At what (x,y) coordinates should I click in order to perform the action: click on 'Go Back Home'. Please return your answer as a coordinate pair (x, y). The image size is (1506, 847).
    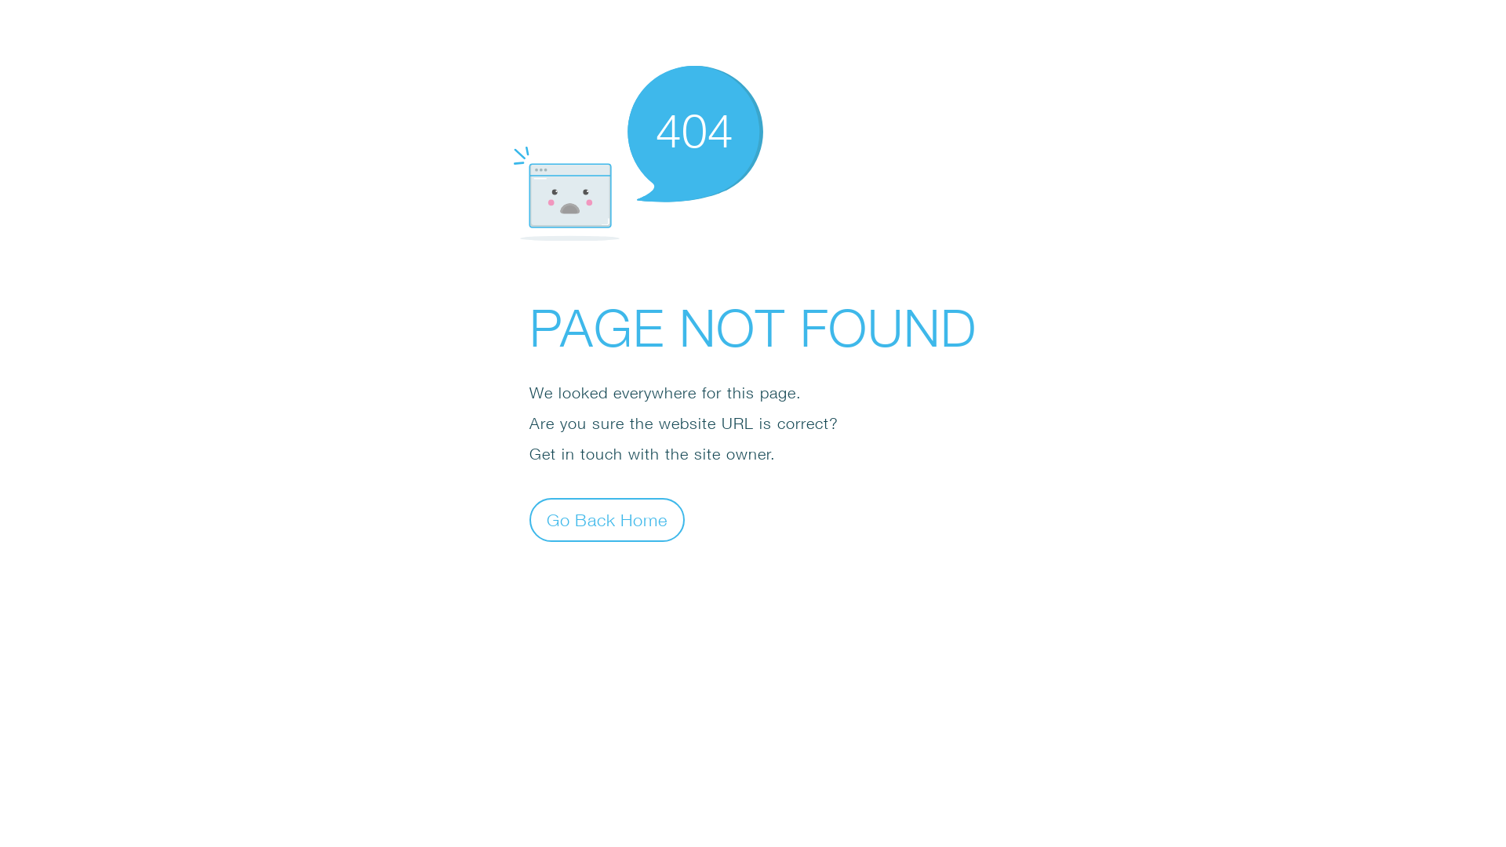
    Looking at the image, I should click on (606, 520).